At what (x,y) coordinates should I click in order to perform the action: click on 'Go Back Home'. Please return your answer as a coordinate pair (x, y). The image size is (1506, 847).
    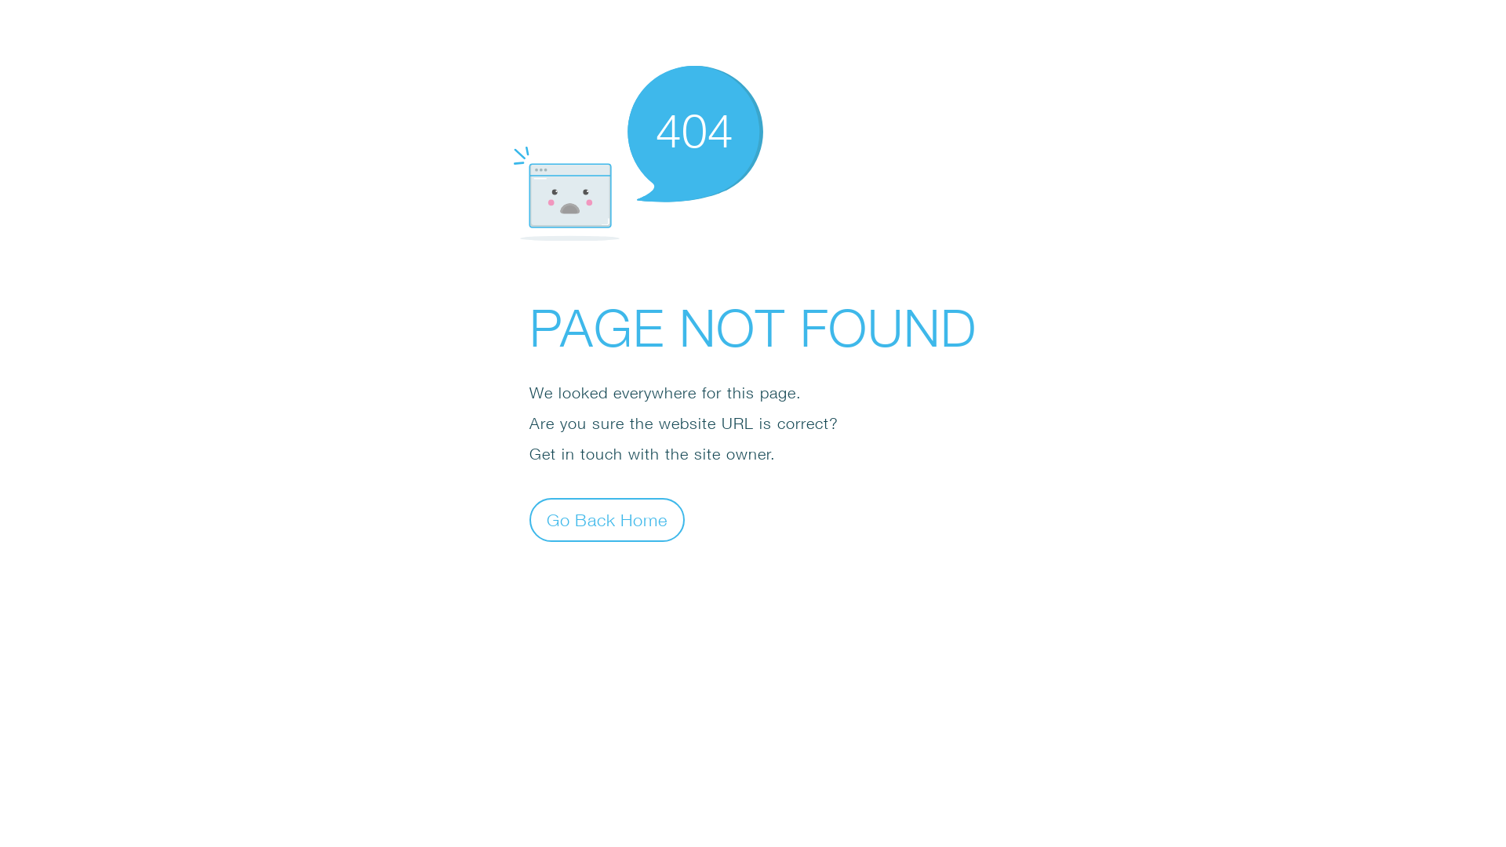
    Looking at the image, I should click on (606, 520).